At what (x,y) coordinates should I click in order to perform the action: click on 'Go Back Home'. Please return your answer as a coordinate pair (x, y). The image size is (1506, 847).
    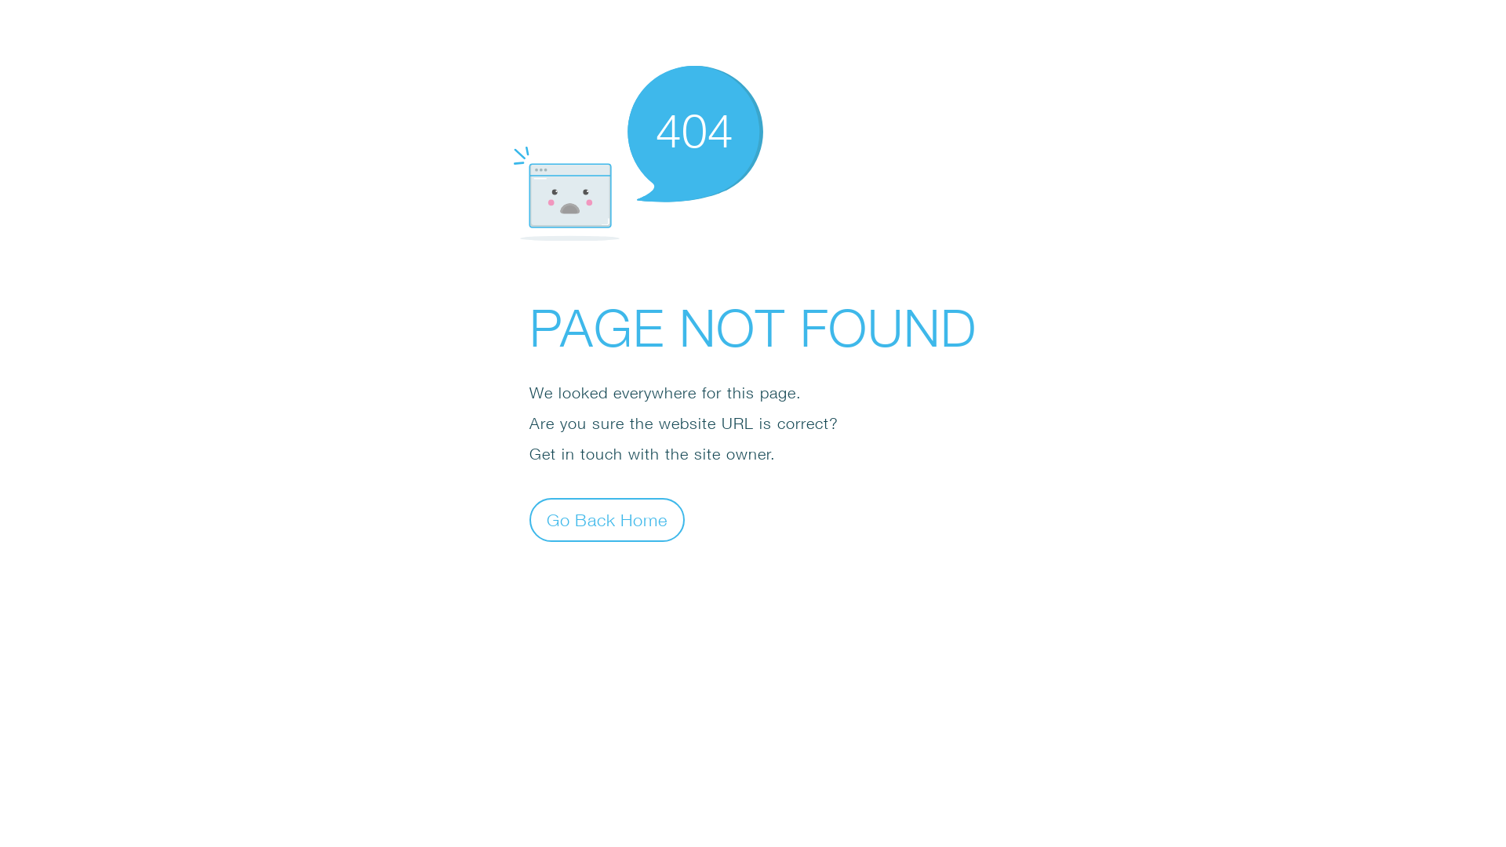
    Looking at the image, I should click on (606, 520).